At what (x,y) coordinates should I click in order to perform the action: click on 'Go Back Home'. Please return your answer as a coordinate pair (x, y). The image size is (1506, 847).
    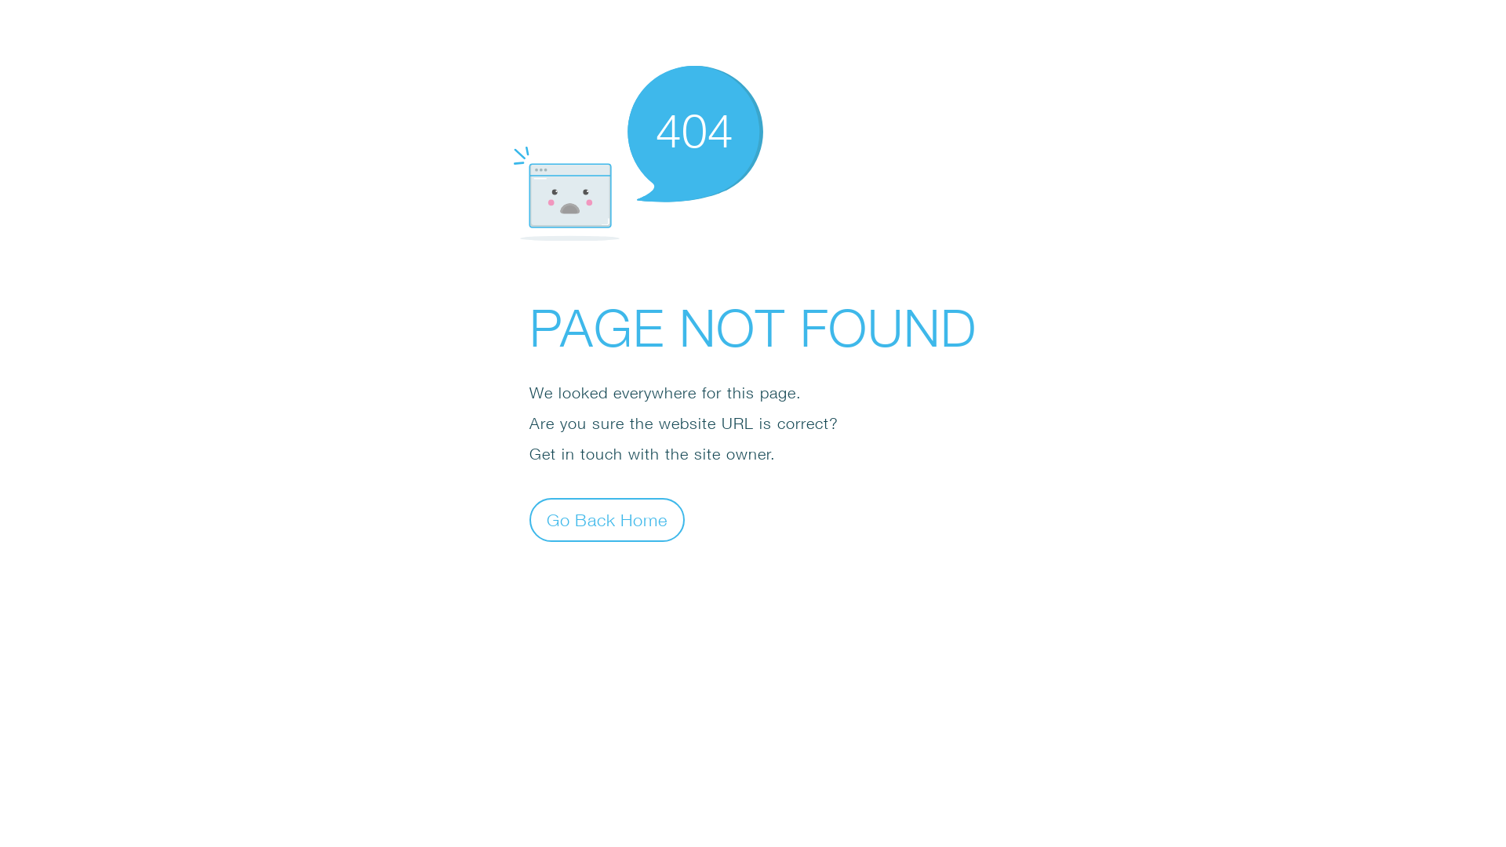
    Looking at the image, I should click on (606, 520).